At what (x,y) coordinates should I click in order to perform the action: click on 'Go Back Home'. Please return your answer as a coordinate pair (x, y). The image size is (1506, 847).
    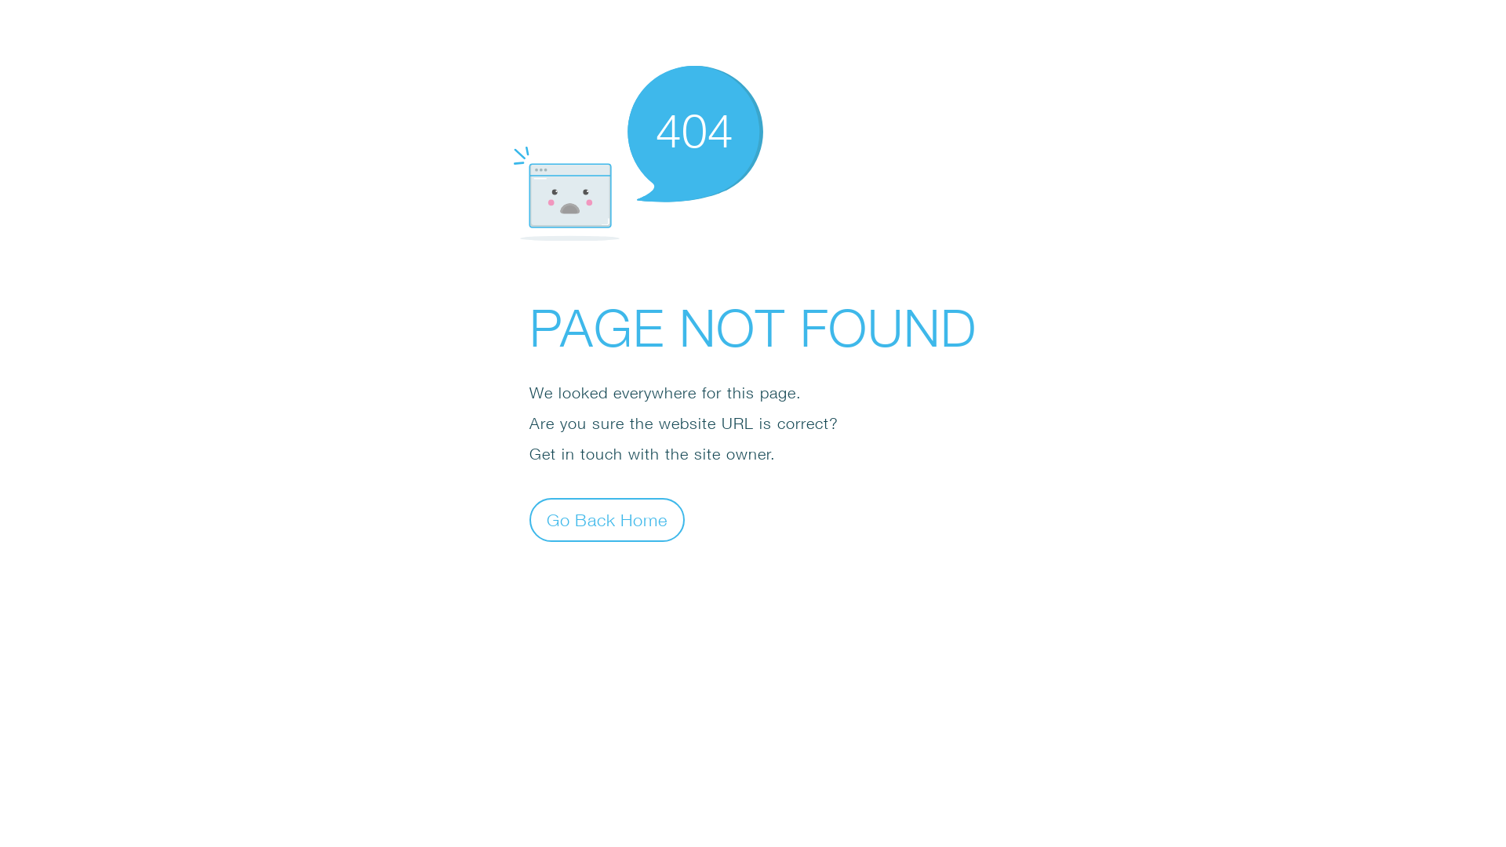
    Looking at the image, I should click on (606, 520).